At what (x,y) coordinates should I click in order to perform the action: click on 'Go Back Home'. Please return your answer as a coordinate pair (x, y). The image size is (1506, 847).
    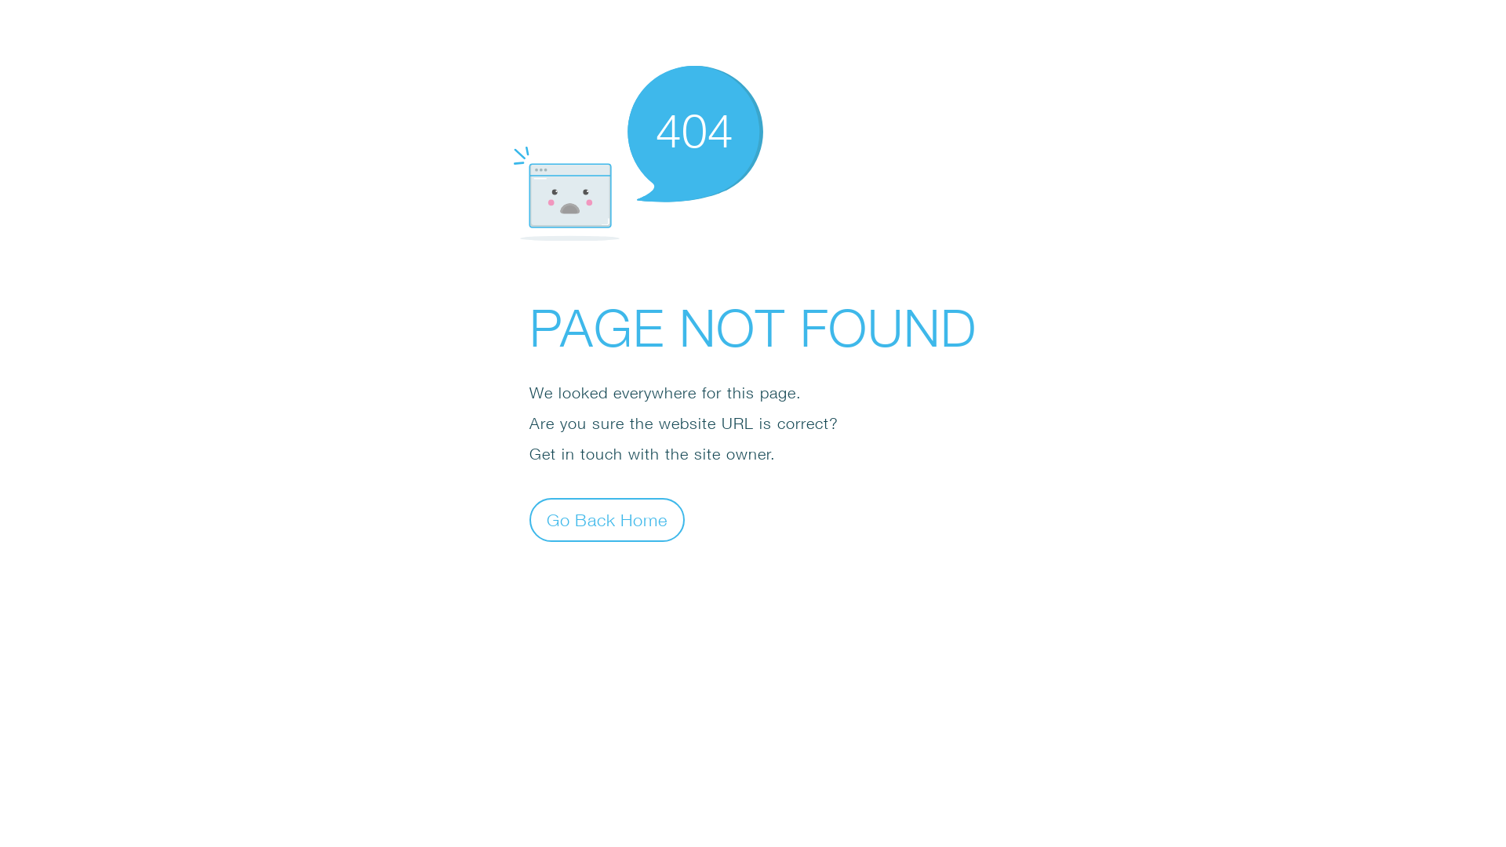
    Looking at the image, I should click on (606, 520).